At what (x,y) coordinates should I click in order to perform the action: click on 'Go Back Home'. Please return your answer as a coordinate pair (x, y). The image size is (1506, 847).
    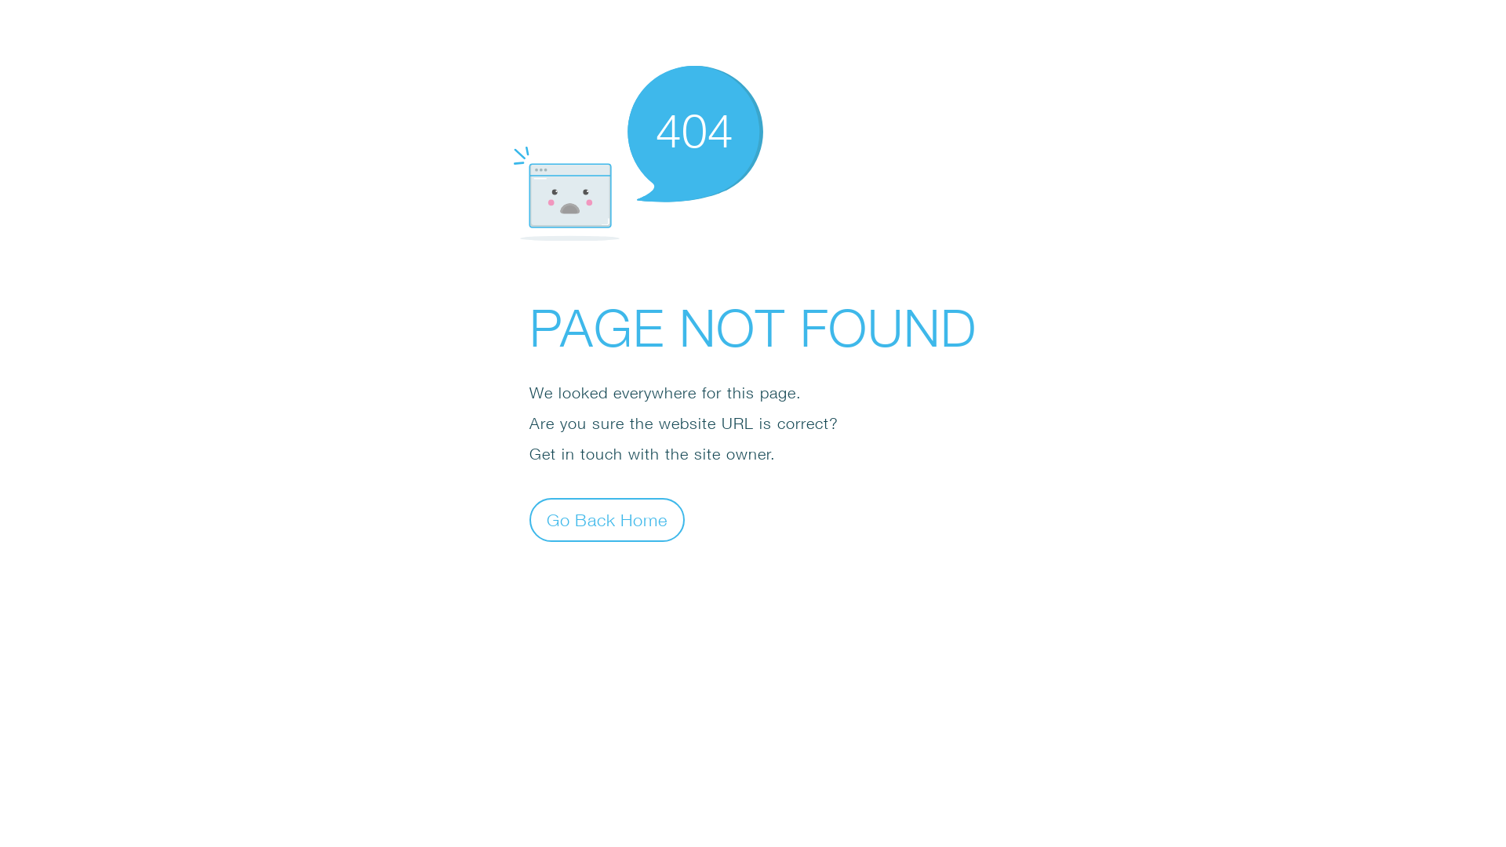
    Looking at the image, I should click on (606, 520).